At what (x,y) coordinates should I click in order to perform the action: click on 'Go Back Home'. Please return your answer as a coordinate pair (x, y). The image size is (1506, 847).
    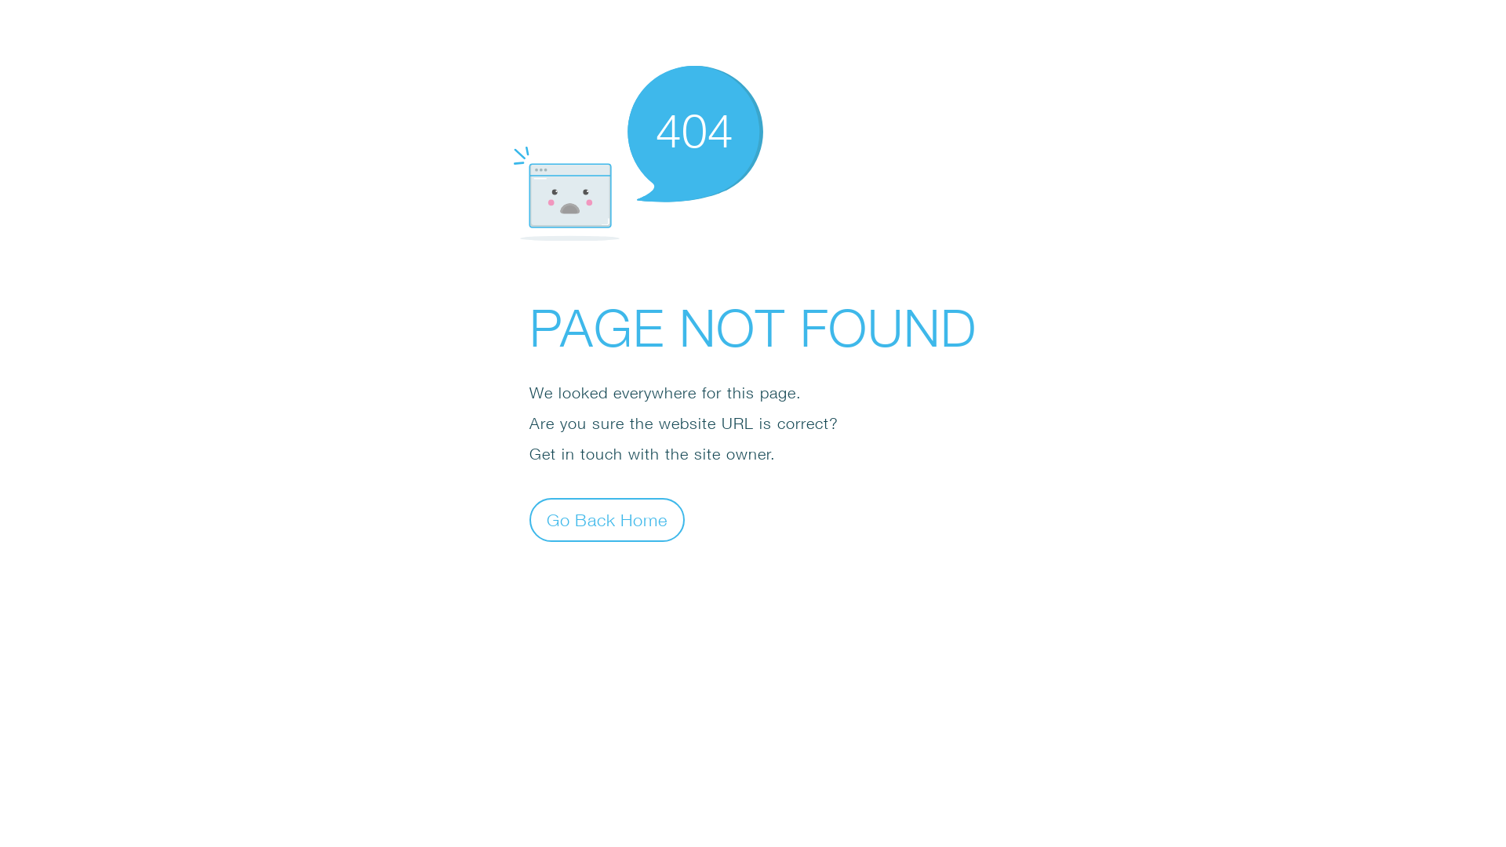
    Looking at the image, I should click on (606, 520).